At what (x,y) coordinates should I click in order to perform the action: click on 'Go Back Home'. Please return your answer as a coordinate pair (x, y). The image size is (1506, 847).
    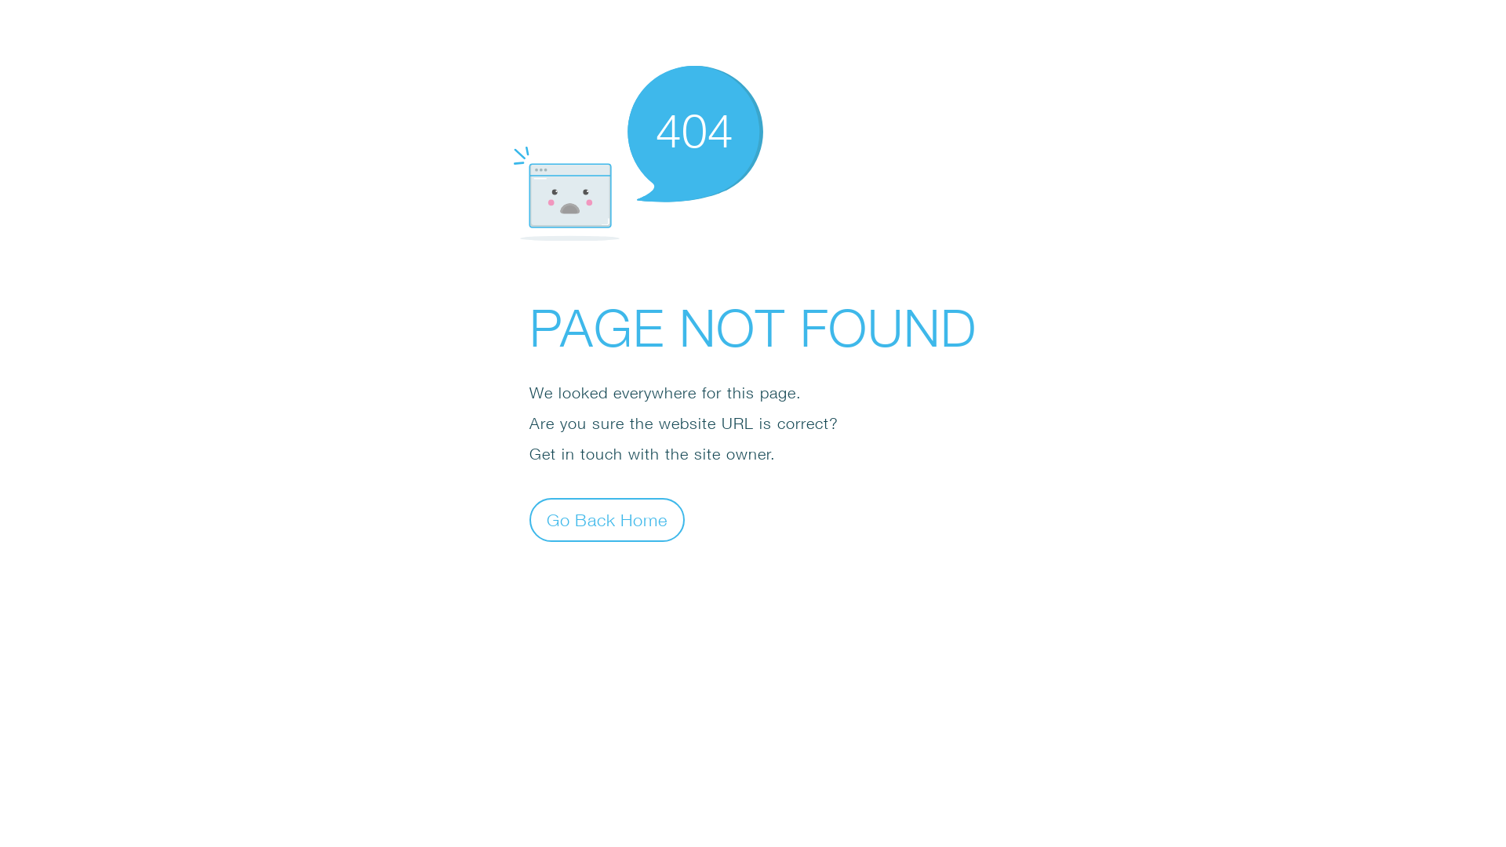
    Looking at the image, I should click on (606, 520).